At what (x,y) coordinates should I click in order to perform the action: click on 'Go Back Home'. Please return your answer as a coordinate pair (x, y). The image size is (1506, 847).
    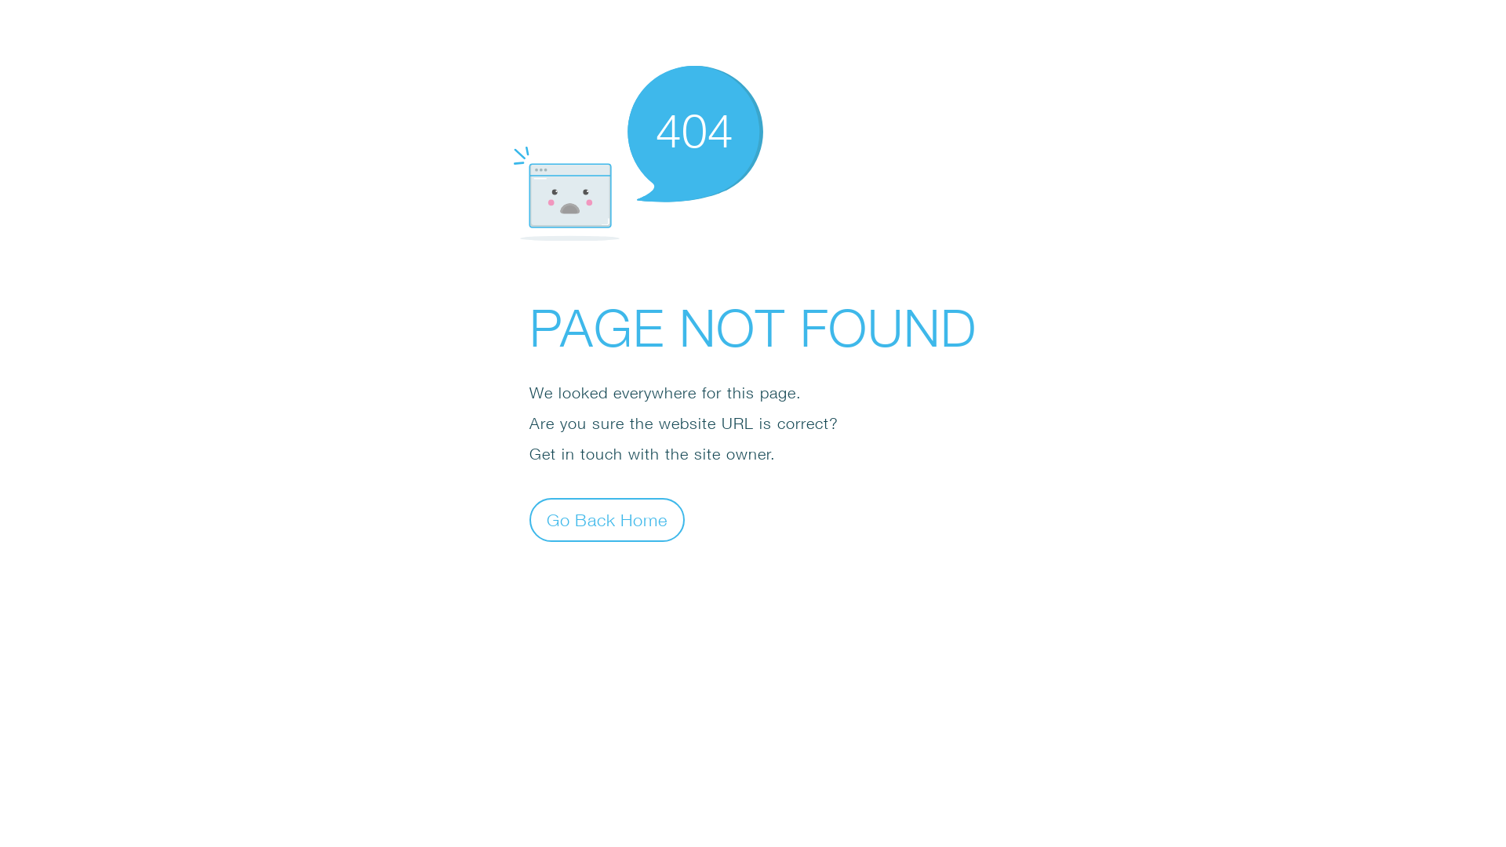
    Looking at the image, I should click on (606, 520).